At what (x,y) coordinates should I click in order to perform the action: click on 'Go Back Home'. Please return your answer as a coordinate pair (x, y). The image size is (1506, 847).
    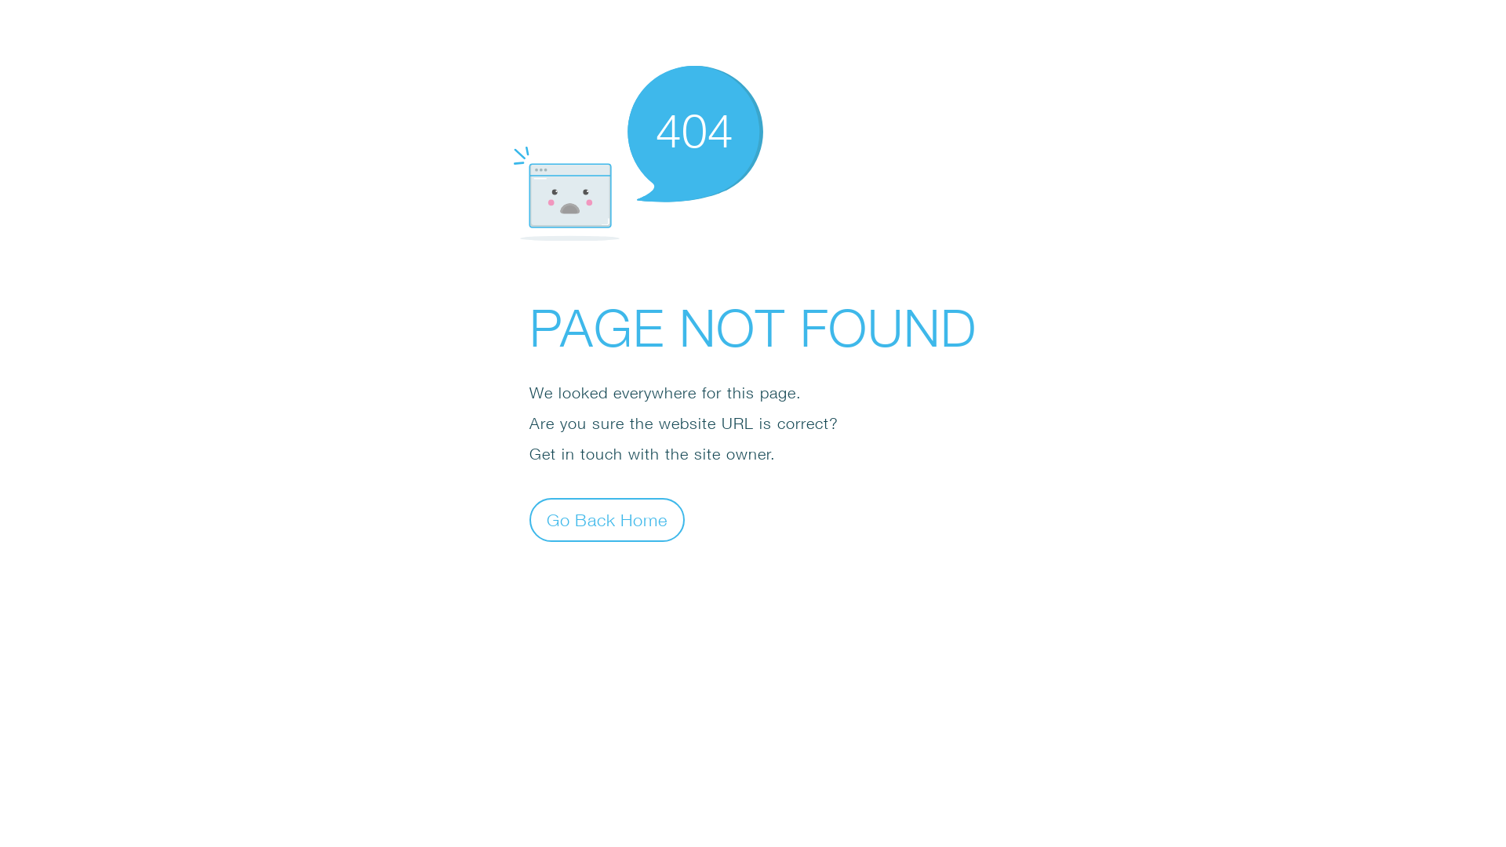
    Looking at the image, I should click on (606, 520).